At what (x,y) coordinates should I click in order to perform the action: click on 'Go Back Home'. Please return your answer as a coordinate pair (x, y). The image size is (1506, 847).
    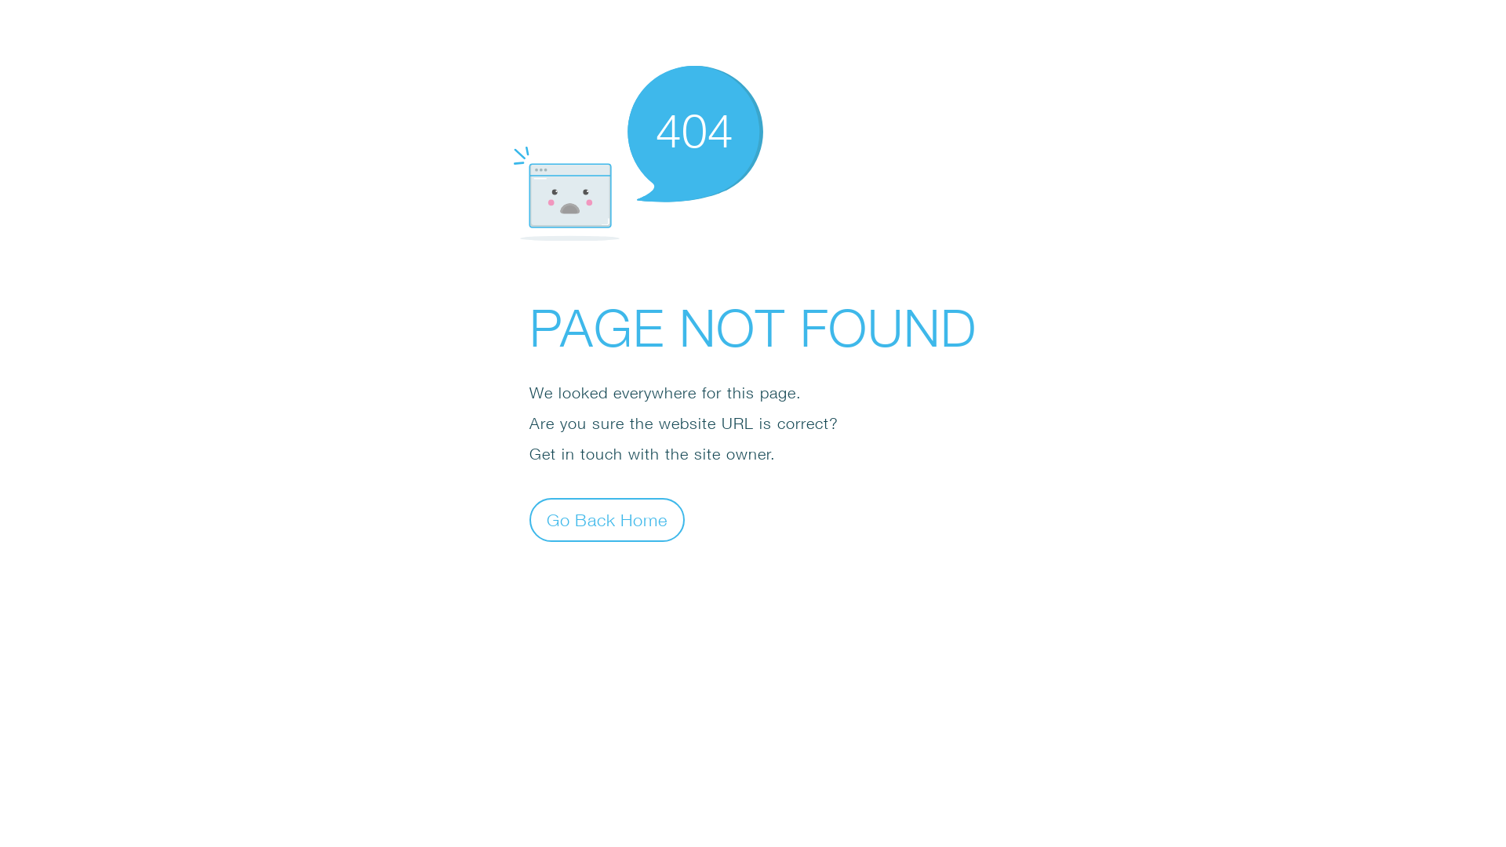
    Looking at the image, I should click on (606, 520).